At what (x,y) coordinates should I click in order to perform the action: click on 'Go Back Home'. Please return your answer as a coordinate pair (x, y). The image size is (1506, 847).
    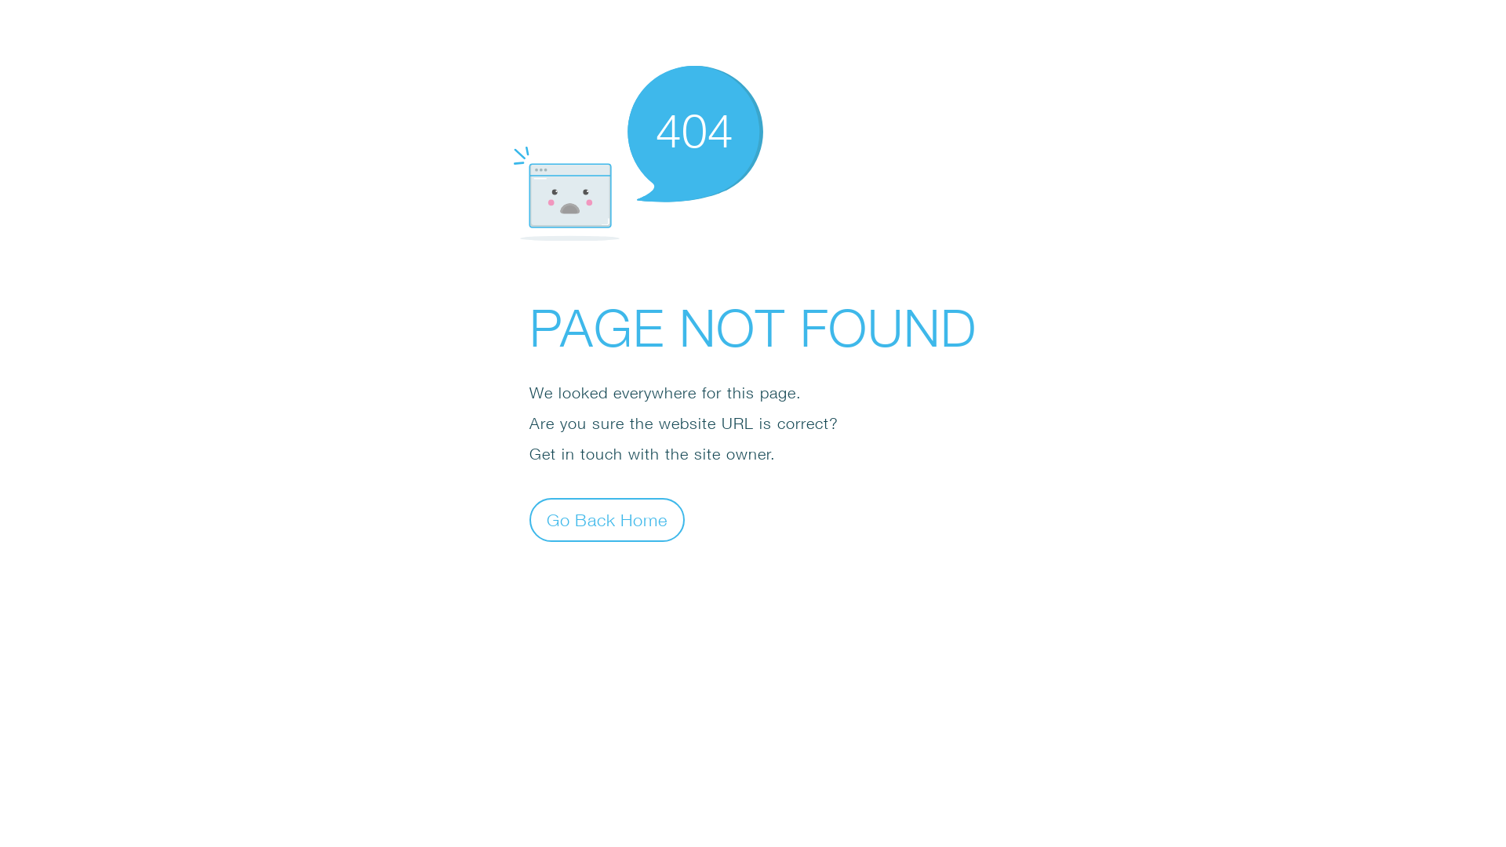
    Looking at the image, I should click on (606, 520).